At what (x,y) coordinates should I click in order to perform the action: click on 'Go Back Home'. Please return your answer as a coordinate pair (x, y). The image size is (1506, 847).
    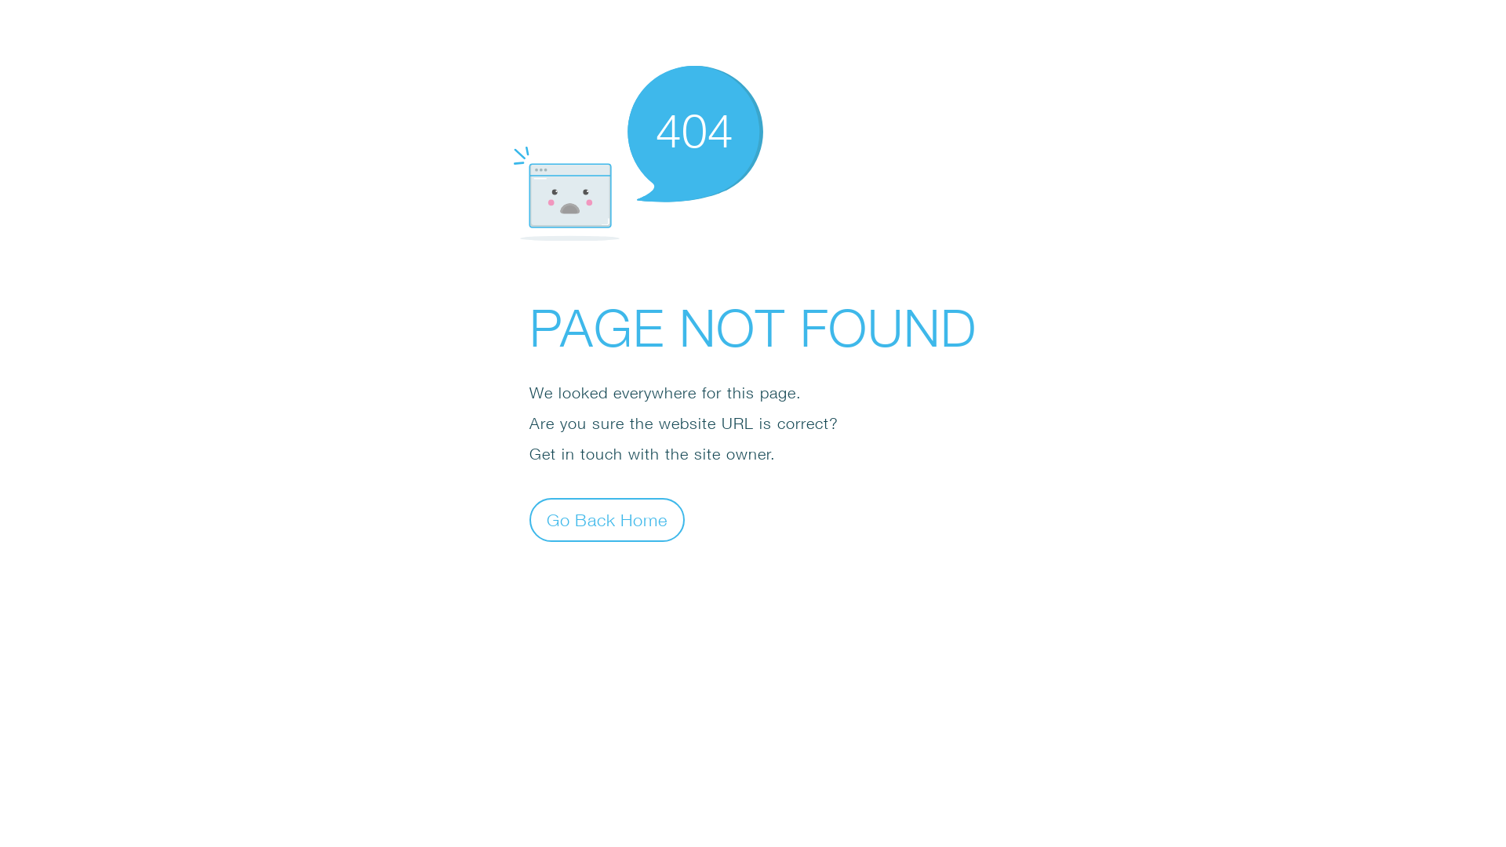
    Looking at the image, I should click on (606, 520).